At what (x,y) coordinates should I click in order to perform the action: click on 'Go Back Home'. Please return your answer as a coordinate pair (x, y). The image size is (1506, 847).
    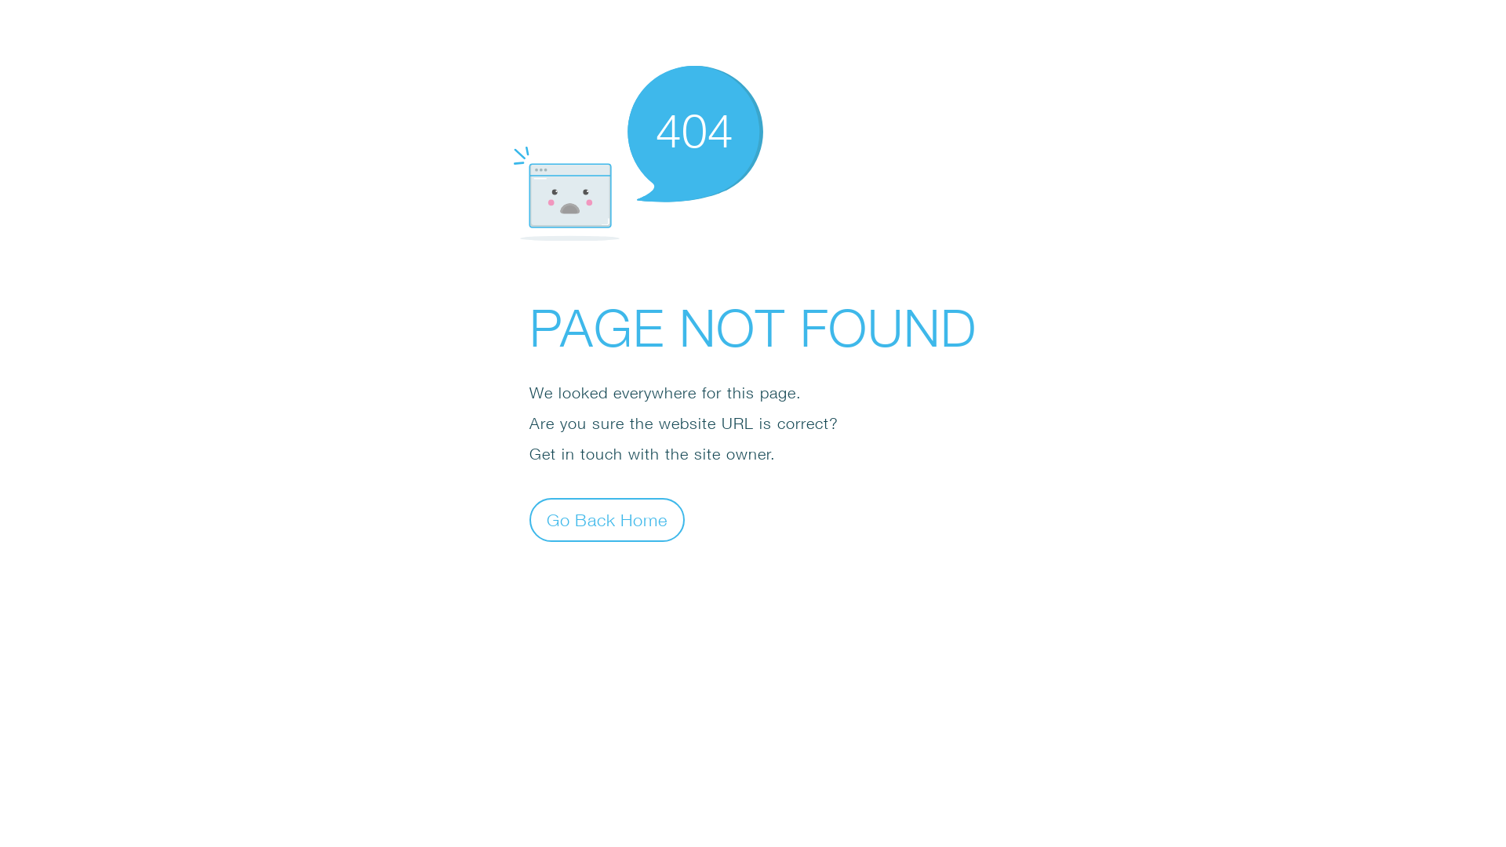
    Looking at the image, I should click on (606, 520).